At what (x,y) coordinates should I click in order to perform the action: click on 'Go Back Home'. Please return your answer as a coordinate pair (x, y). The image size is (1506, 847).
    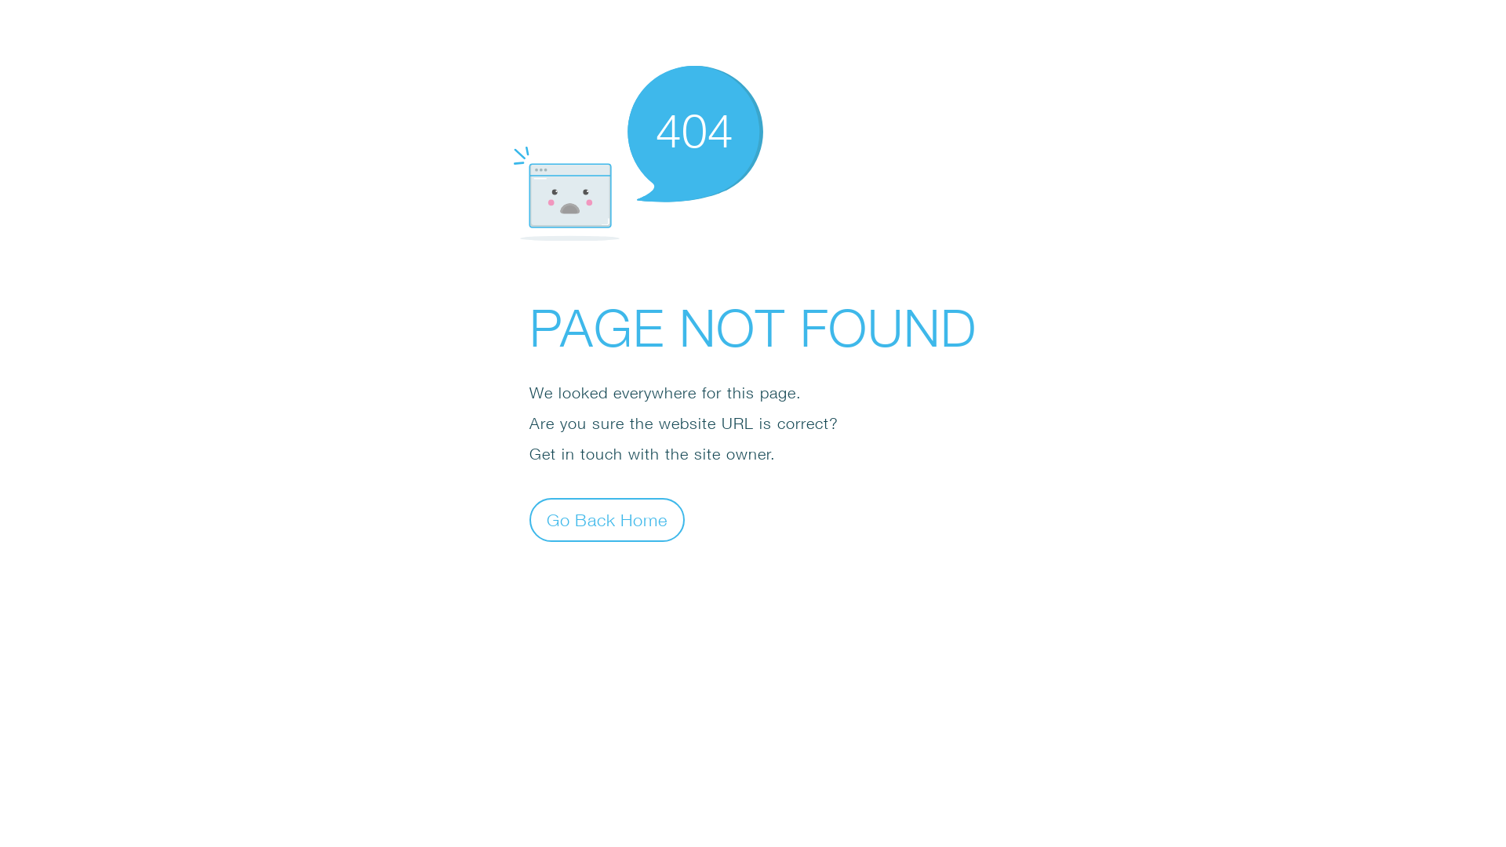
    Looking at the image, I should click on (606, 520).